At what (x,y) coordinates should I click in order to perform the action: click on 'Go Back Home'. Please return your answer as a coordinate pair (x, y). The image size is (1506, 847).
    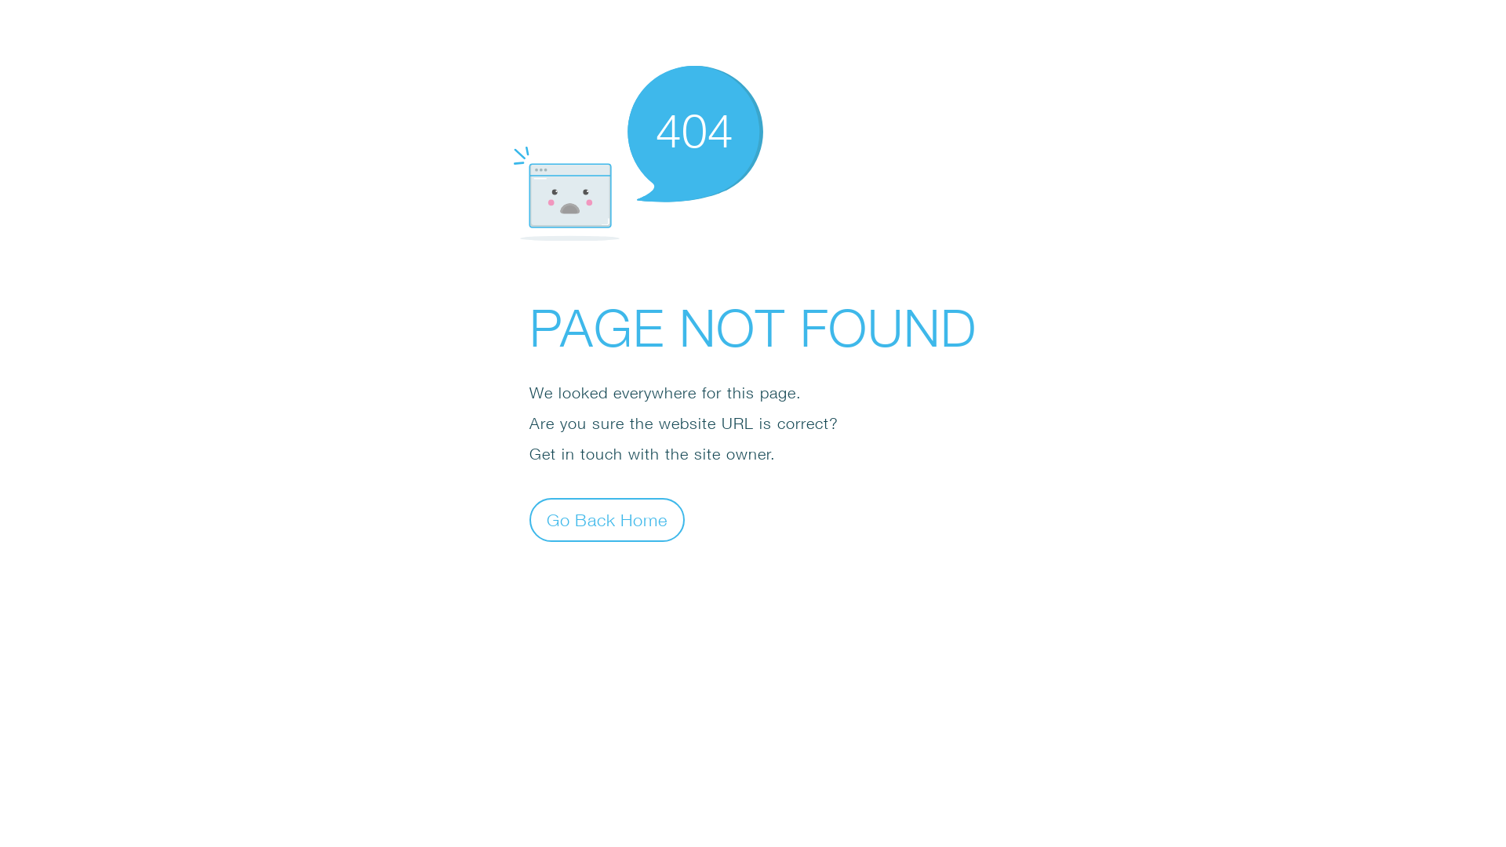
    Looking at the image, I should click on (606, 520).